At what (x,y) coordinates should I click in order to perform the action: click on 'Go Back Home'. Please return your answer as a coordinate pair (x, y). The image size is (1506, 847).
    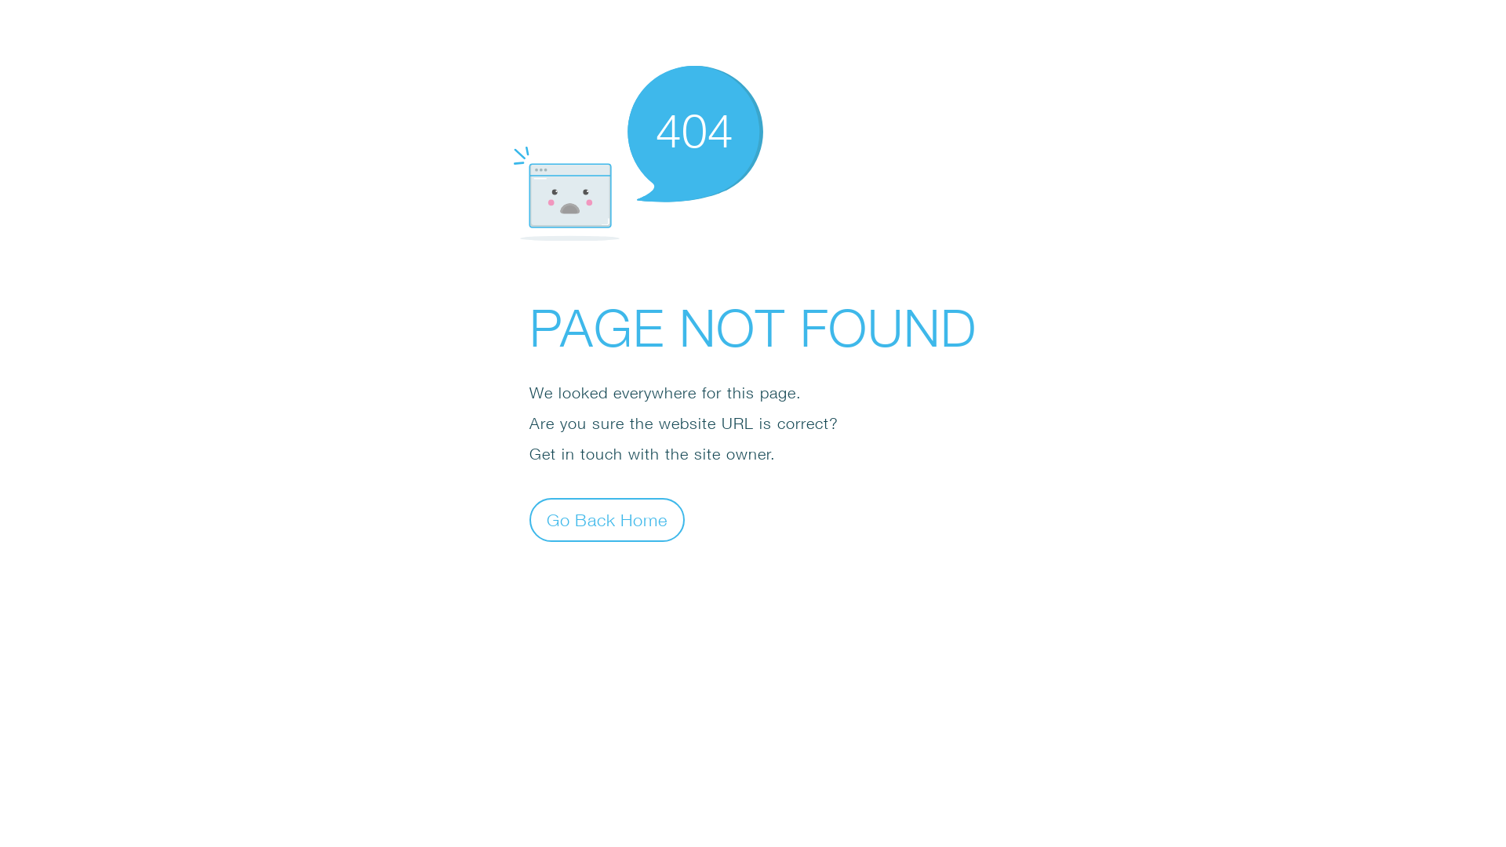
    Looking at the image, I should click on (606, 520).